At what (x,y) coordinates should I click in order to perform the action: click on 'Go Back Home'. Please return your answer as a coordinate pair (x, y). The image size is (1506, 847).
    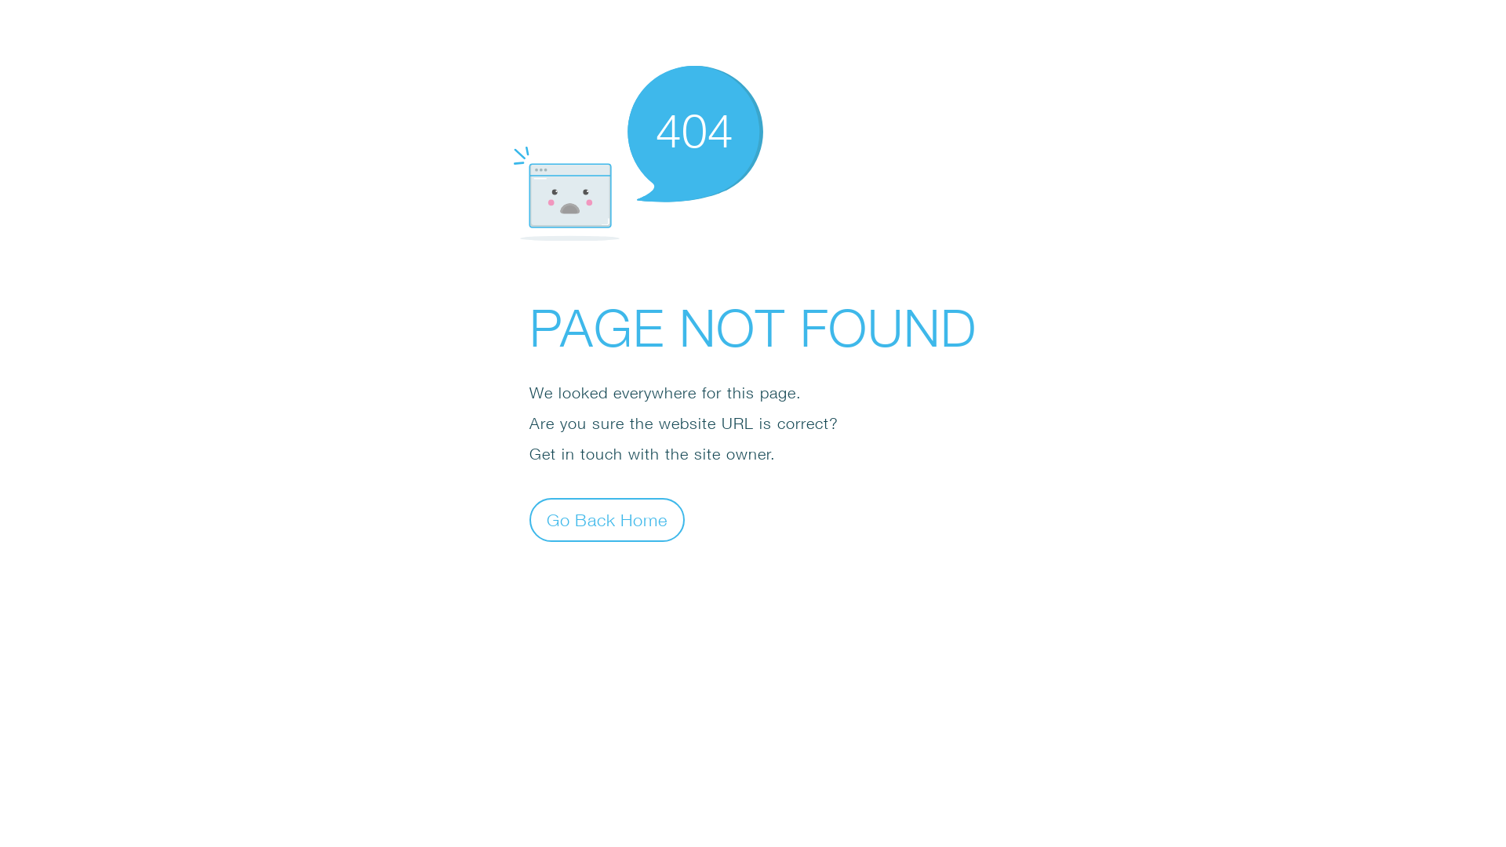
    Looking at the image, I should click on (606, 520).